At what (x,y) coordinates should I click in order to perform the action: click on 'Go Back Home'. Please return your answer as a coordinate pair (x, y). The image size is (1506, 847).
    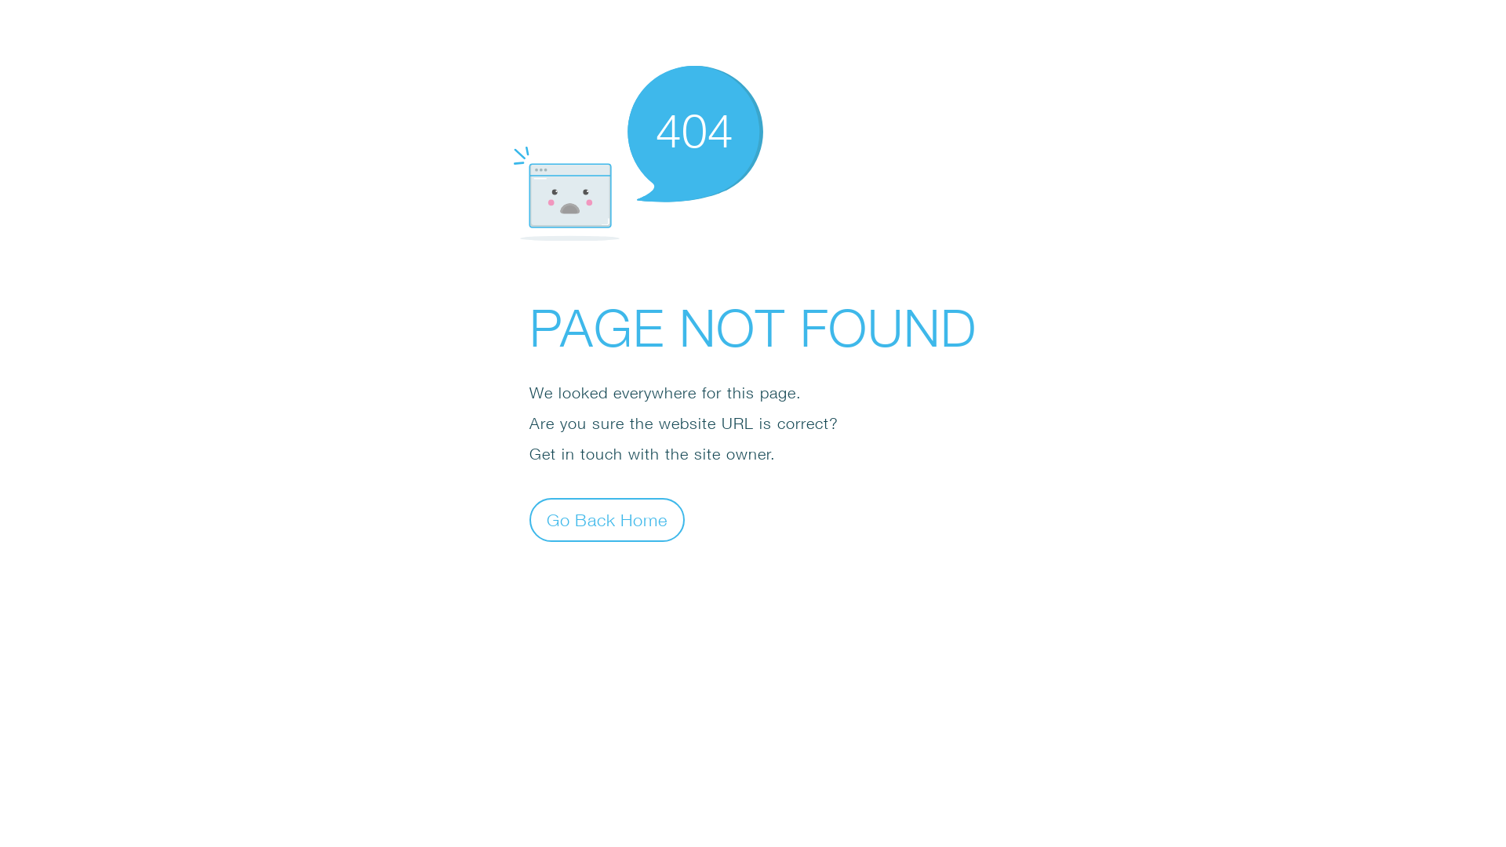
    Looking at the image, I should click on (606, 520).